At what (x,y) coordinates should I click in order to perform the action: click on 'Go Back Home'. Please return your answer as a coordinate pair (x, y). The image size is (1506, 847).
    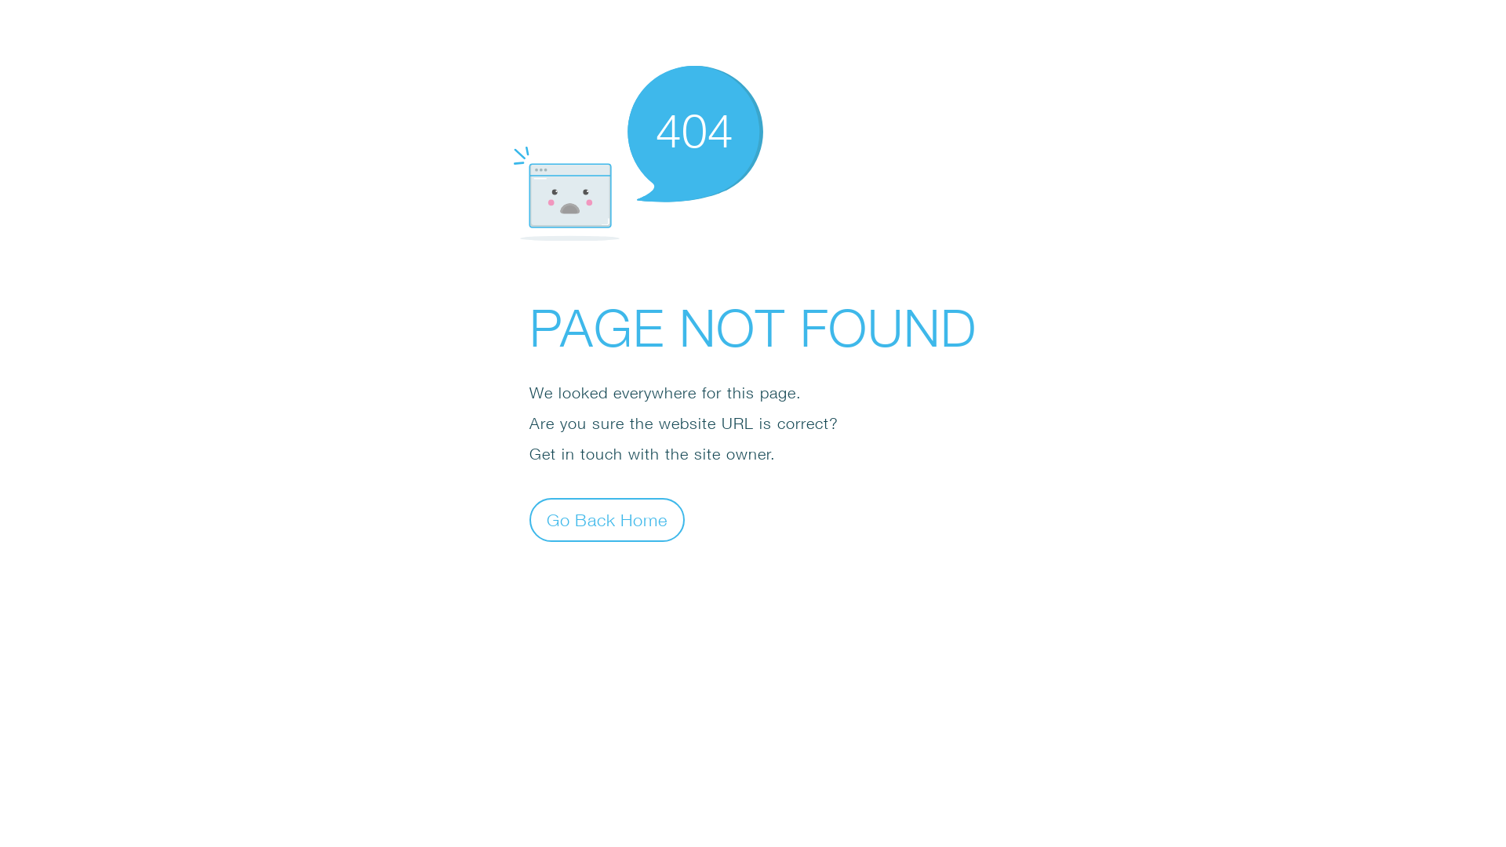
    Looking at the image, I should click on (606, 520).